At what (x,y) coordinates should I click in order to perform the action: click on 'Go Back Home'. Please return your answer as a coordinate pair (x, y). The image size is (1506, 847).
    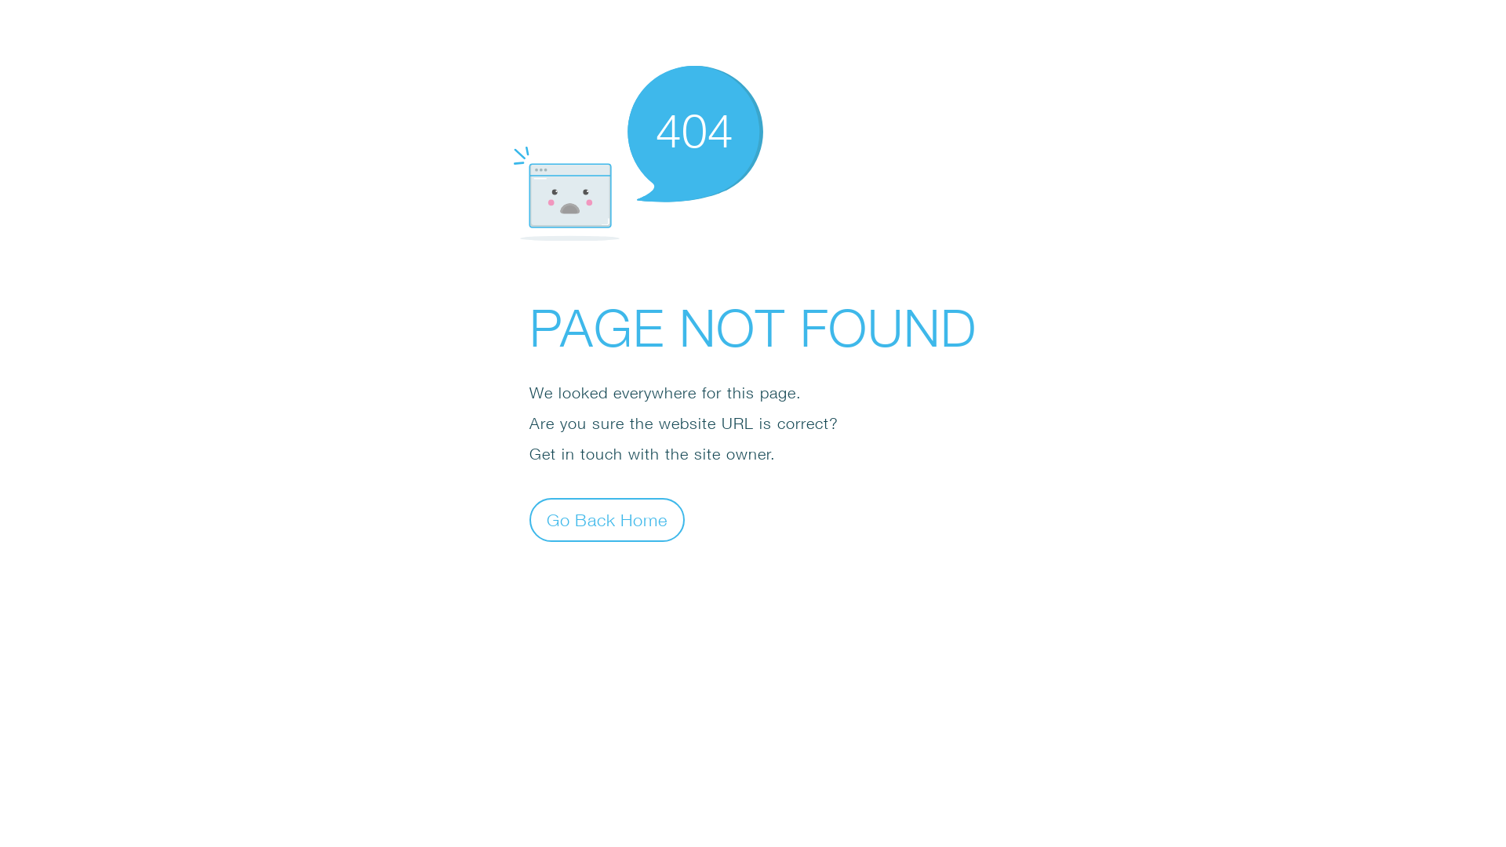
    Looking at the image, I should click on (606, 520).